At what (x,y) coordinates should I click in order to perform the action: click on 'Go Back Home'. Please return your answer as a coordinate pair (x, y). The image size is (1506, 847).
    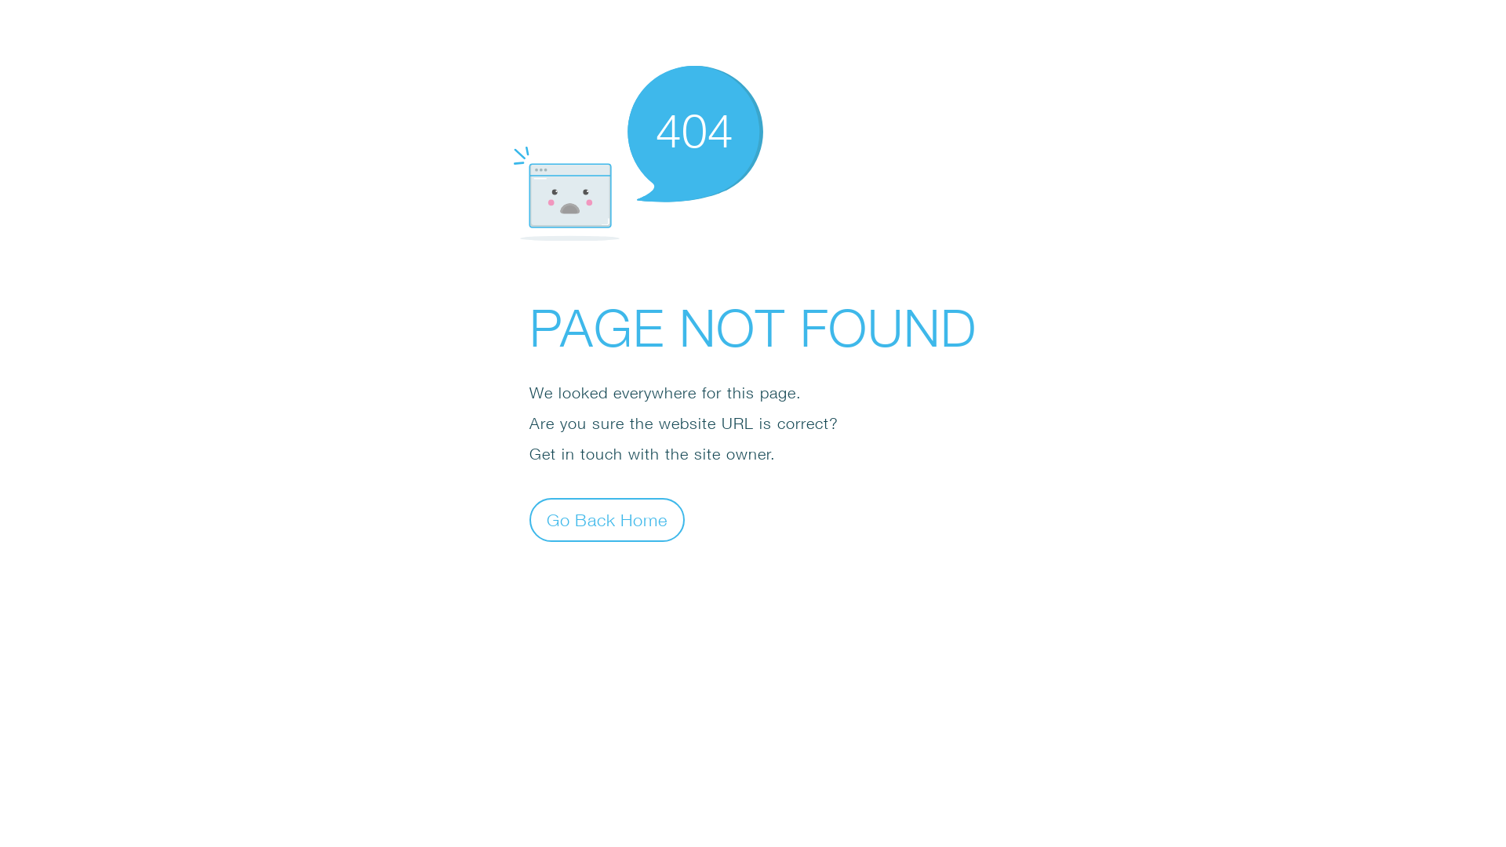
    Looking at the image, I should click on (606, 520).